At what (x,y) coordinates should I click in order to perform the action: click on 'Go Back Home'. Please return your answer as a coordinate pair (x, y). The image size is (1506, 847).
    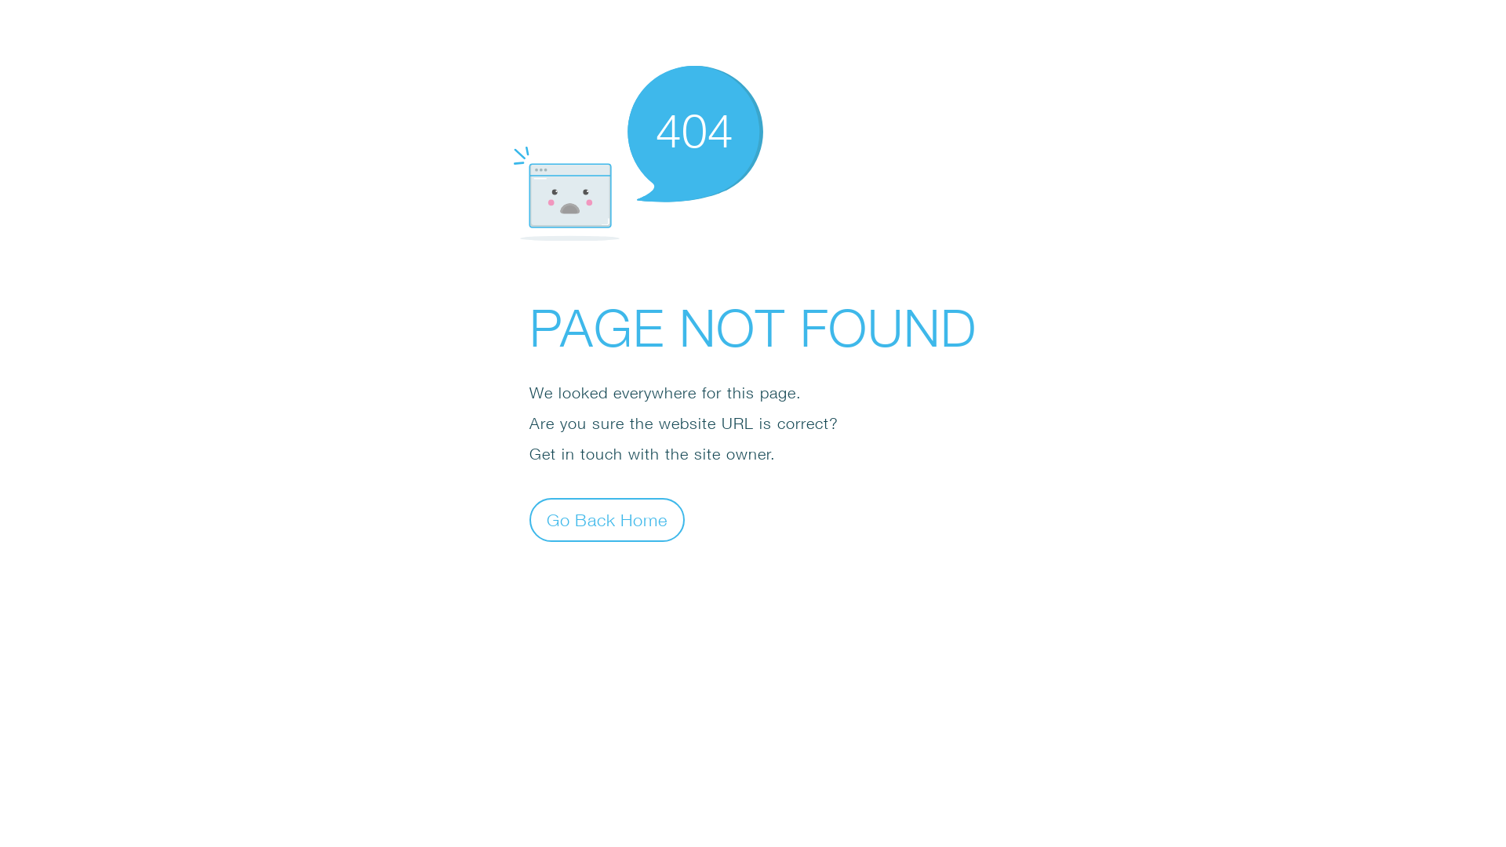
    Looking at the image, I should click on (606, 520).